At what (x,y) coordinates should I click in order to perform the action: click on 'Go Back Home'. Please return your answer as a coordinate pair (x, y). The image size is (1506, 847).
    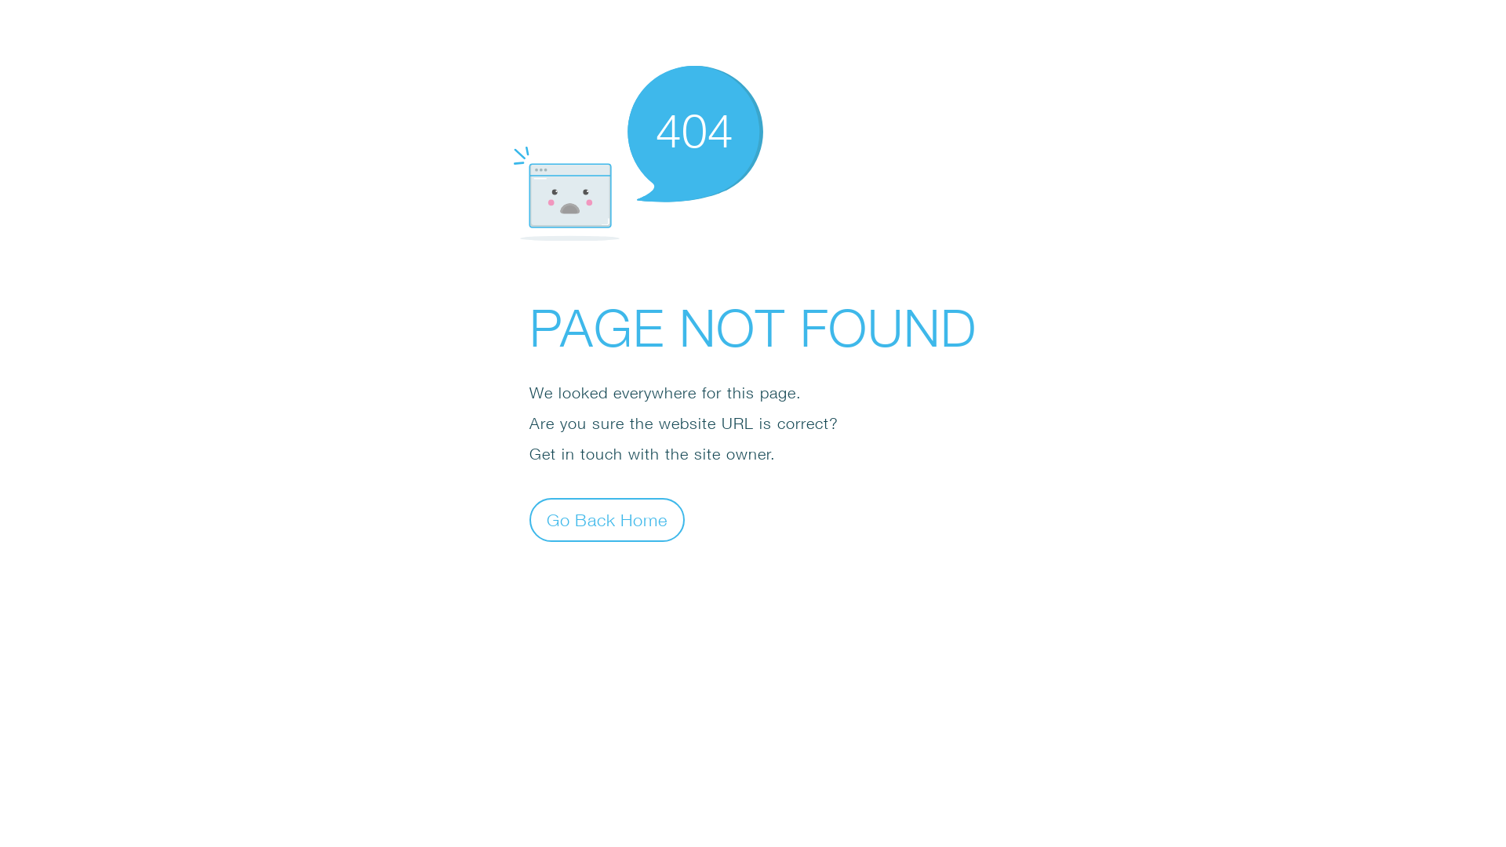
    Looking at the image, I should click on (606, 520).